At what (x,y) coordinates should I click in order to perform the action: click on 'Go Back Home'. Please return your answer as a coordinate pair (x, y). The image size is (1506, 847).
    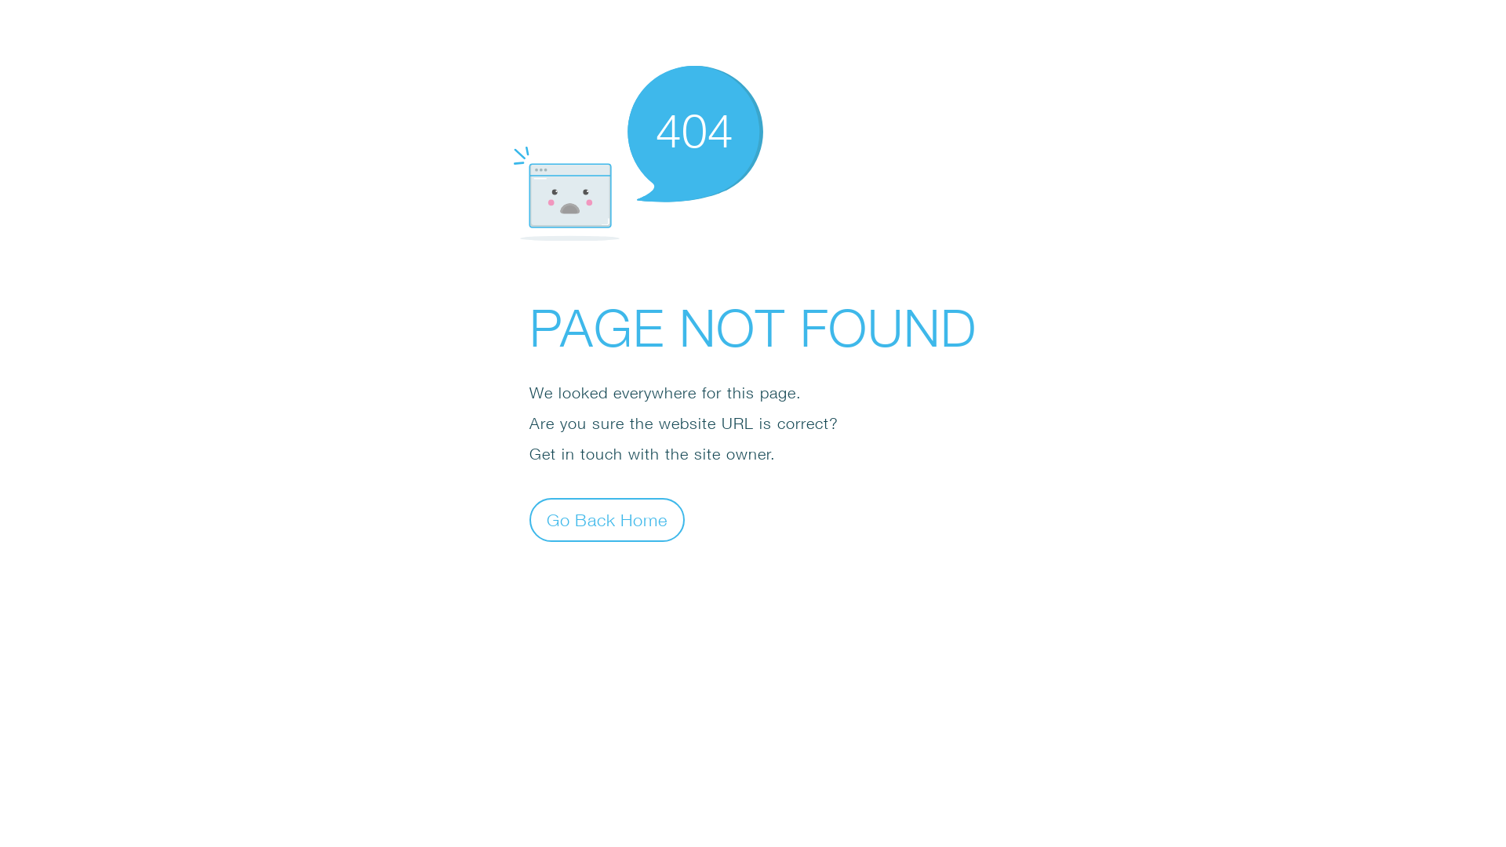
    Looking at the image, I should click on (606, 520).